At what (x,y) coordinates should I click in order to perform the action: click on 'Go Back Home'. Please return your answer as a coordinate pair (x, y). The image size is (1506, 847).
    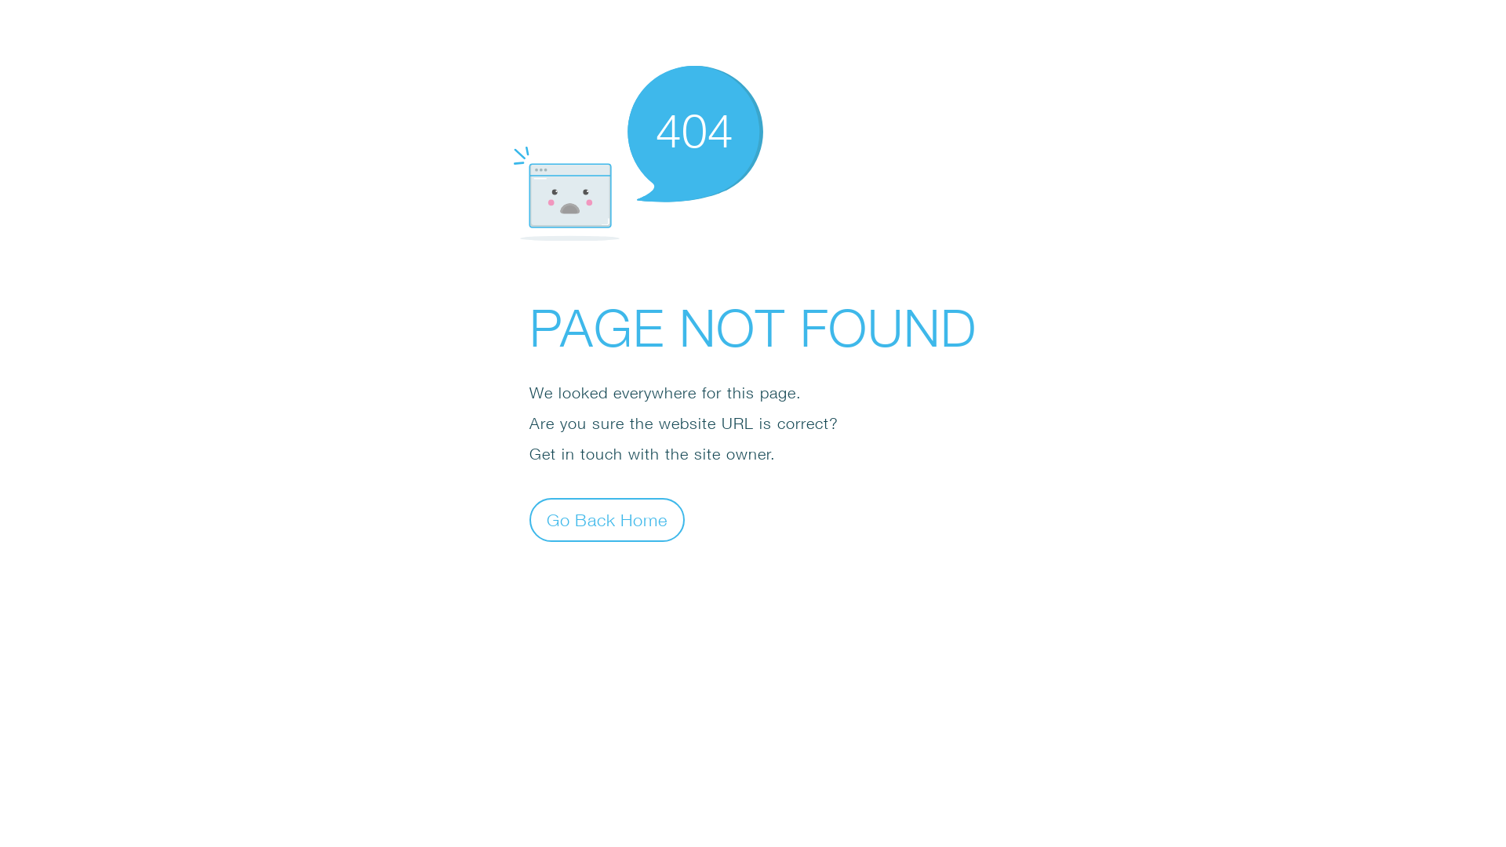
    Looking at the image, I should click on (606, 520).